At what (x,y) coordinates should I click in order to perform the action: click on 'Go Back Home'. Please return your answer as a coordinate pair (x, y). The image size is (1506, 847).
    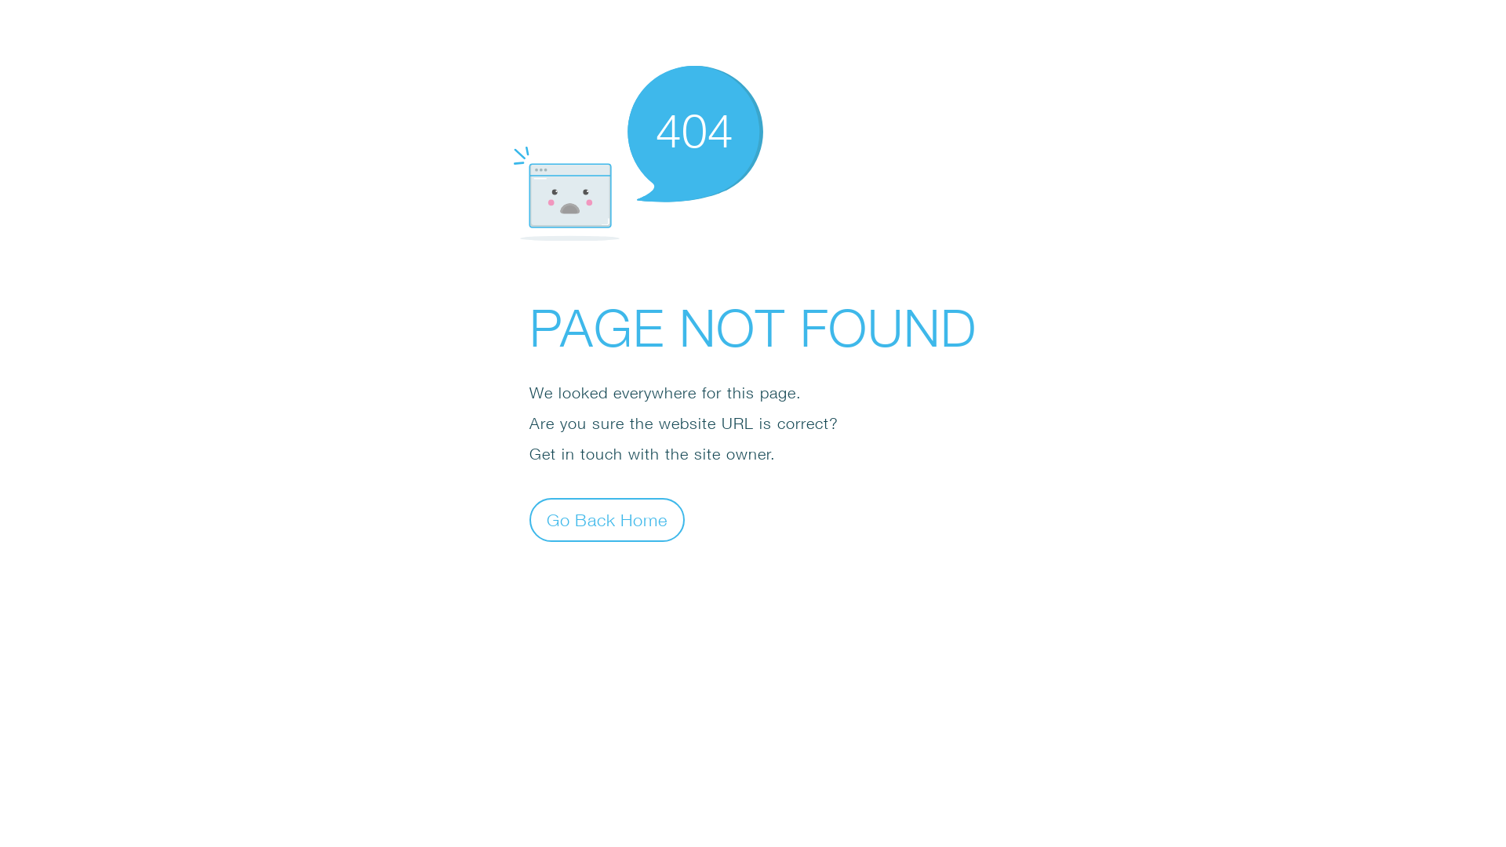
    Looking at the image, I should click on (606, 520).